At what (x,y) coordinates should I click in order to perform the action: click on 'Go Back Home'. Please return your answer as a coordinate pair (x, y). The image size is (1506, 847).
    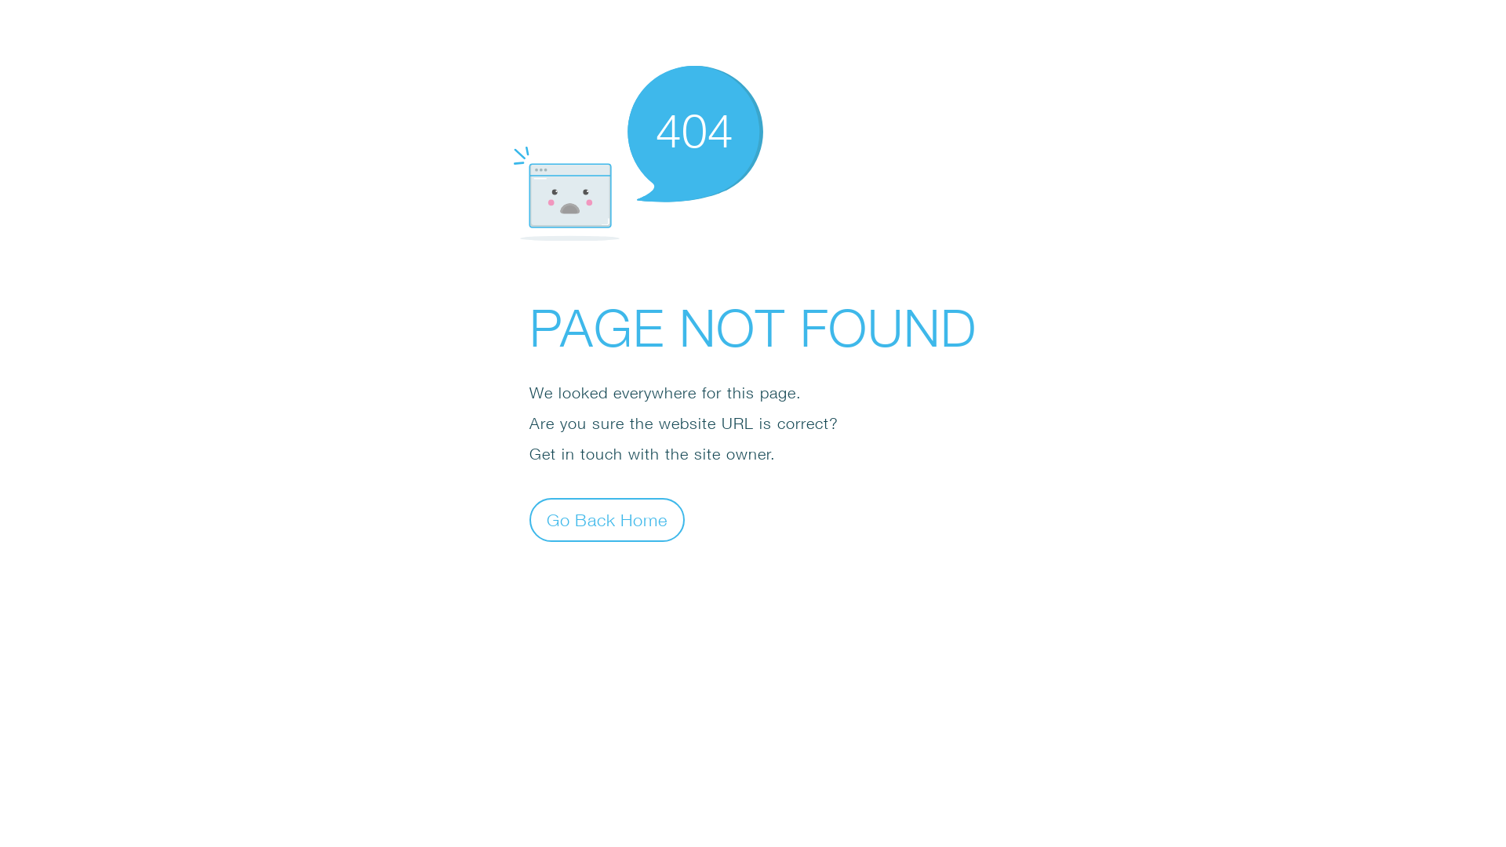
    Looking at the image, I should click on (606, 520).